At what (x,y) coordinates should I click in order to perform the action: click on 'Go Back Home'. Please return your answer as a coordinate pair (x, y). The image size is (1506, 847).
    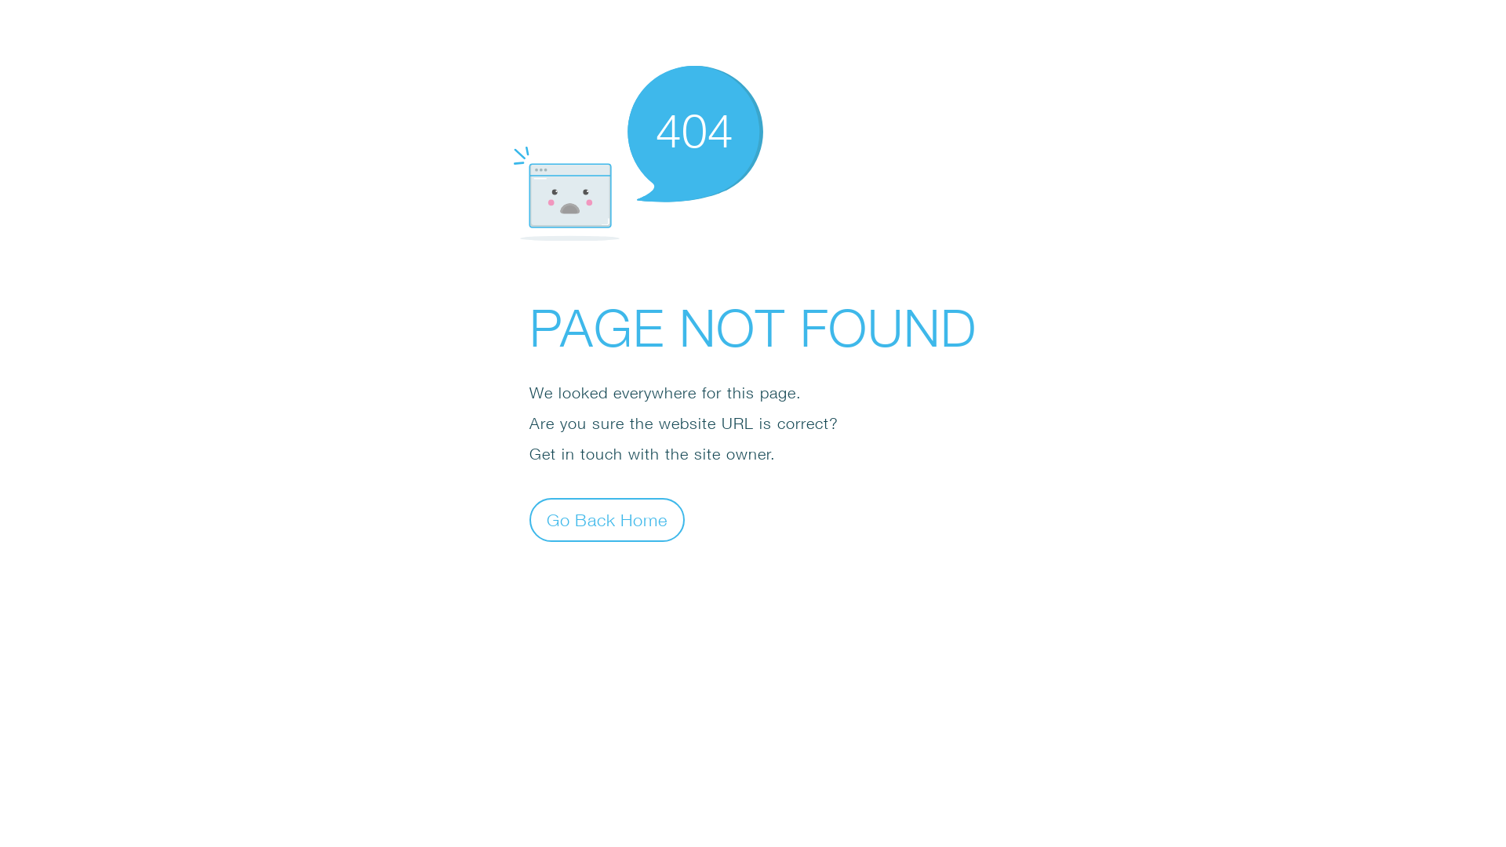
    Looking at the image, I should click on (606, 520).